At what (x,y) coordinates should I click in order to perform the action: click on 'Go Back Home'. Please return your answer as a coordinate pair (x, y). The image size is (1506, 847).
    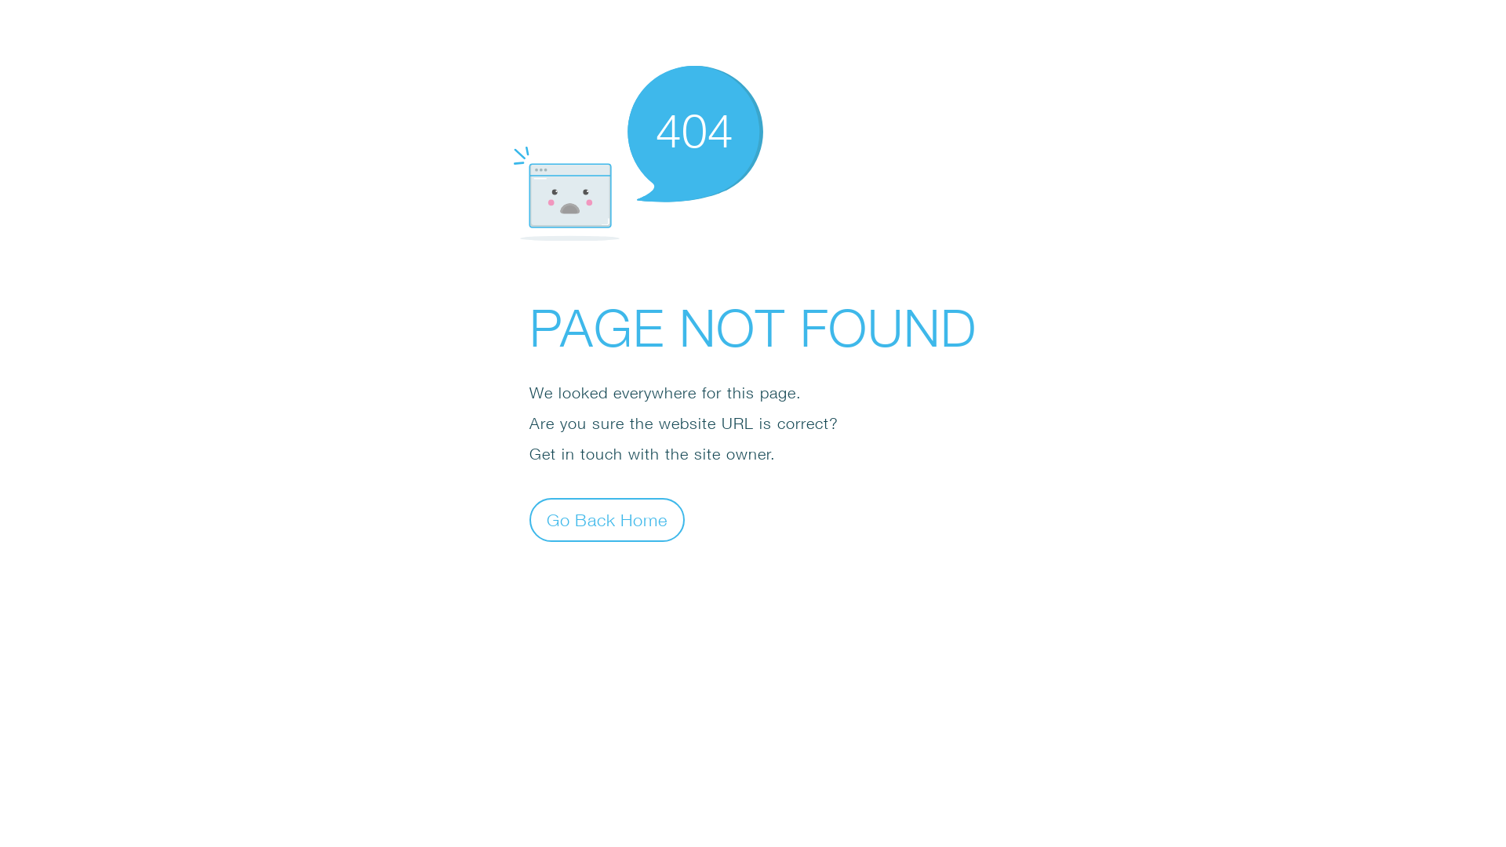
    Looking at the image, I should click on (606, 520).